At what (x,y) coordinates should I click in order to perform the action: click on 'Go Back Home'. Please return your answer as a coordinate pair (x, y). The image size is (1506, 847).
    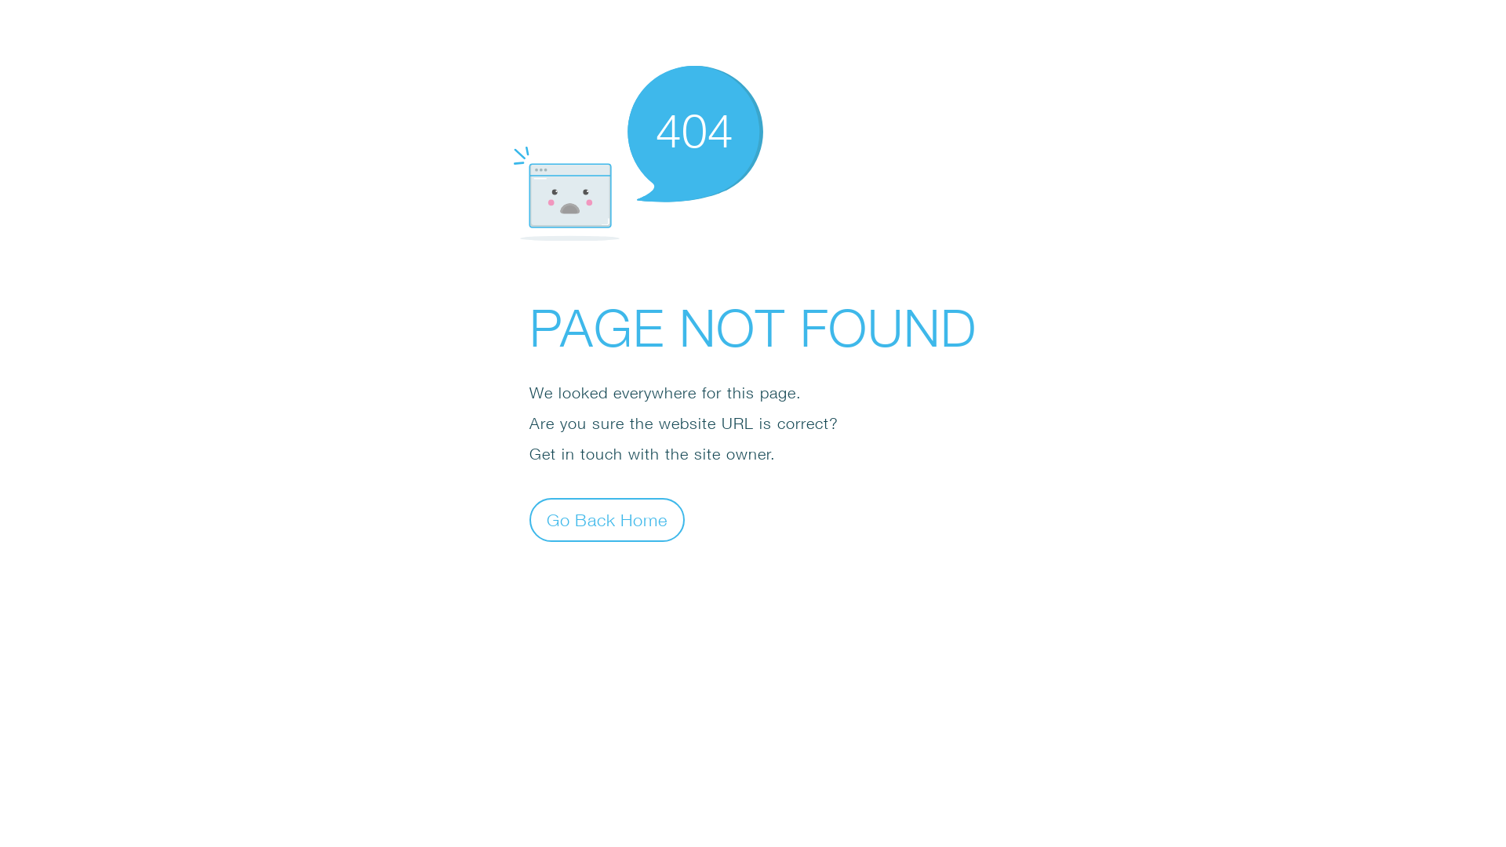
    Looking at the image, I should click on (606, 520).